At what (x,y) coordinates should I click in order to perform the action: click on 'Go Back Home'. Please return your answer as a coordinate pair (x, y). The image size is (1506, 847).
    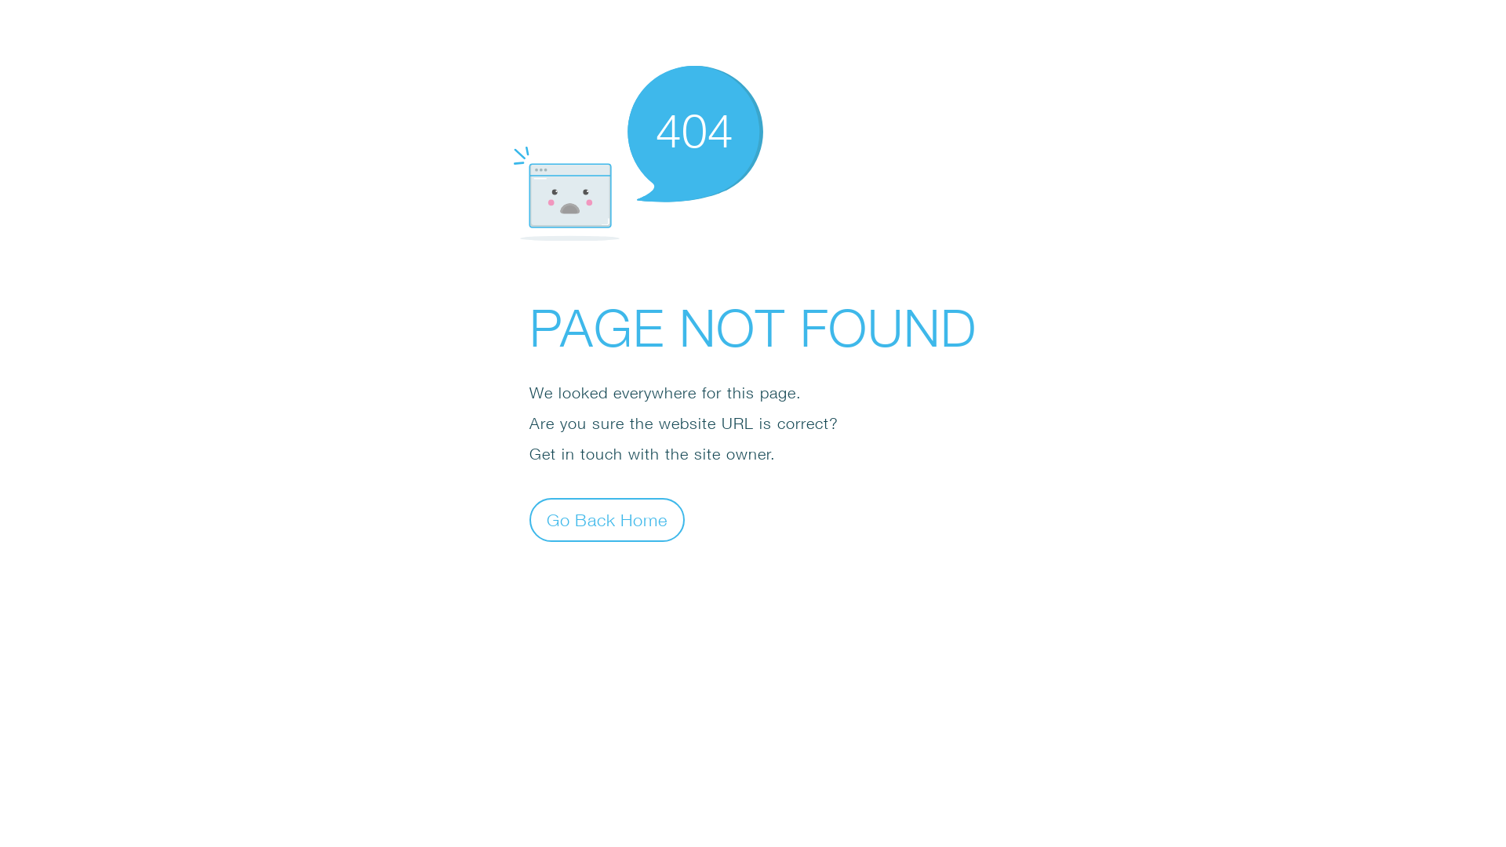
    Looking at the image, I should click on (606, 520).